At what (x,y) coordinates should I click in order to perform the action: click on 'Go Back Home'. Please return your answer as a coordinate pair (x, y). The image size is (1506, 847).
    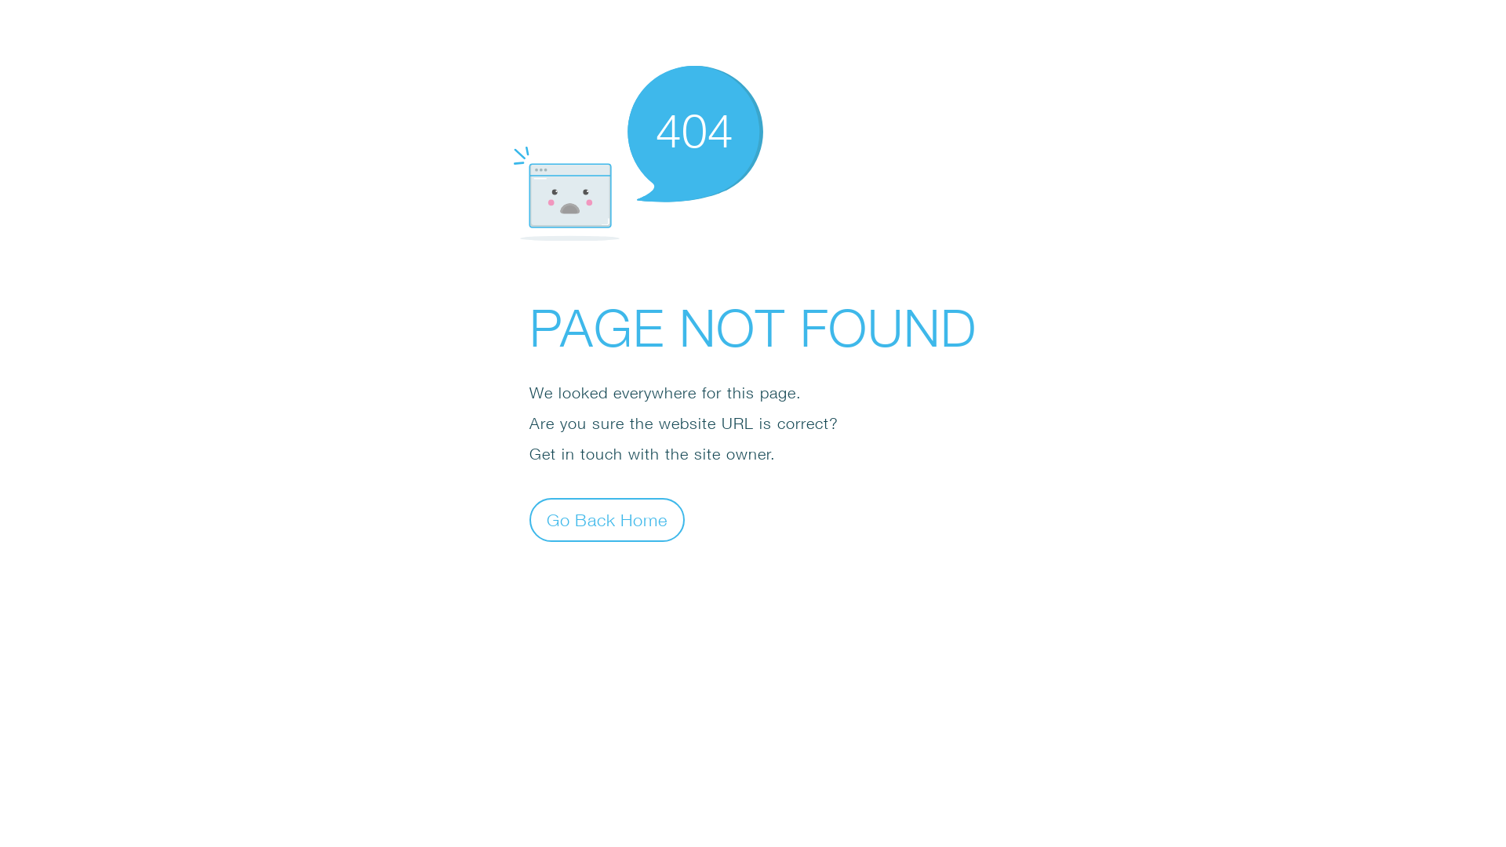
    Looking at the image, I should click on (606, 520).